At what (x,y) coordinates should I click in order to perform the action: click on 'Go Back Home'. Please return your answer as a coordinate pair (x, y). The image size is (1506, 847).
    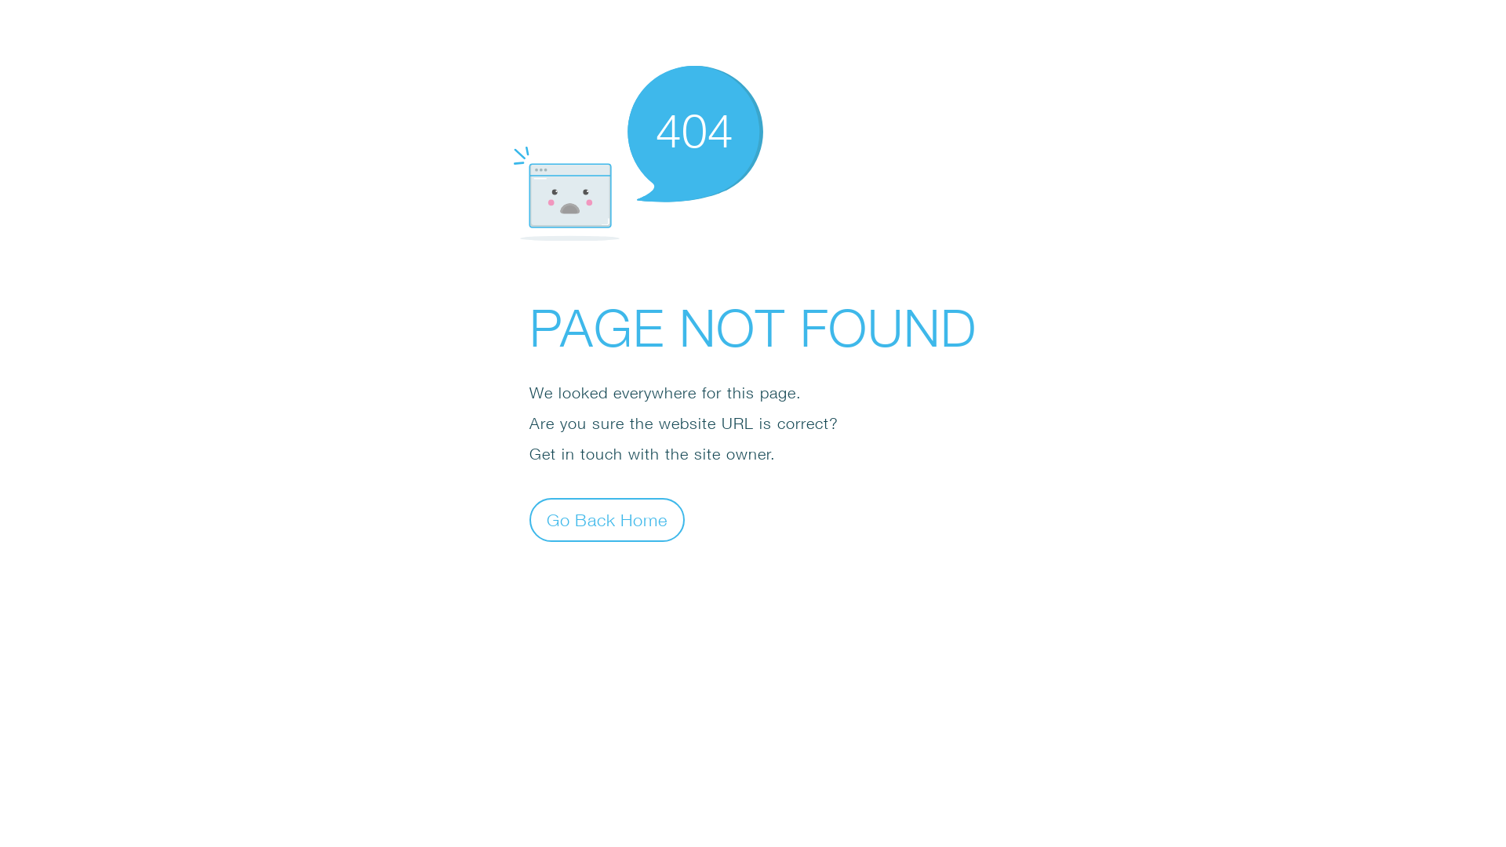
    Looking at the image, I should click on (606, 520).